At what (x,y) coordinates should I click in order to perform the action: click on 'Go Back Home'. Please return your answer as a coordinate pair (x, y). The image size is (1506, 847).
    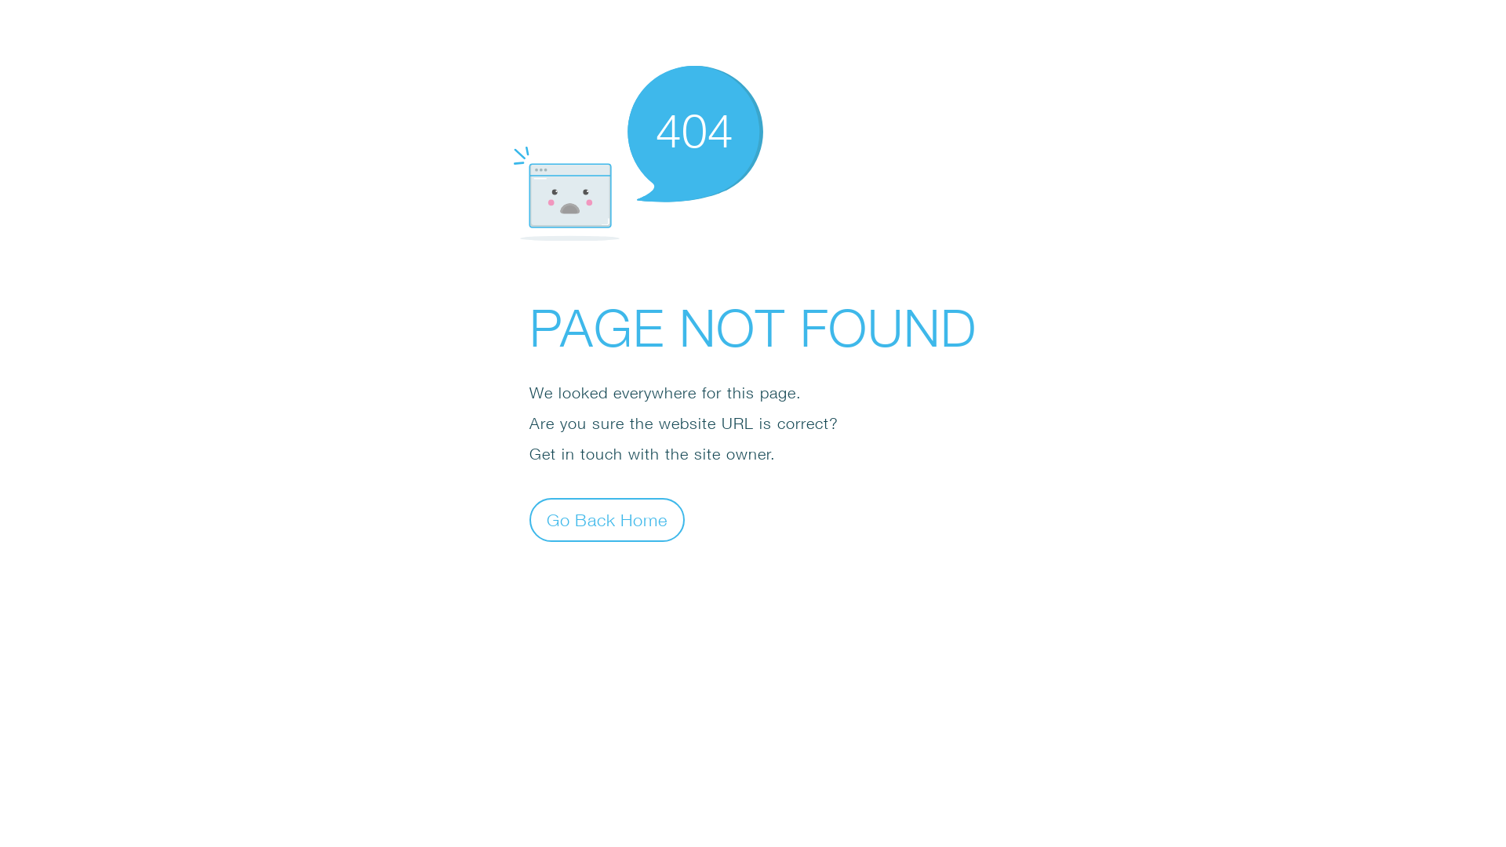
    Looking at the image, I should click on (606, 520).